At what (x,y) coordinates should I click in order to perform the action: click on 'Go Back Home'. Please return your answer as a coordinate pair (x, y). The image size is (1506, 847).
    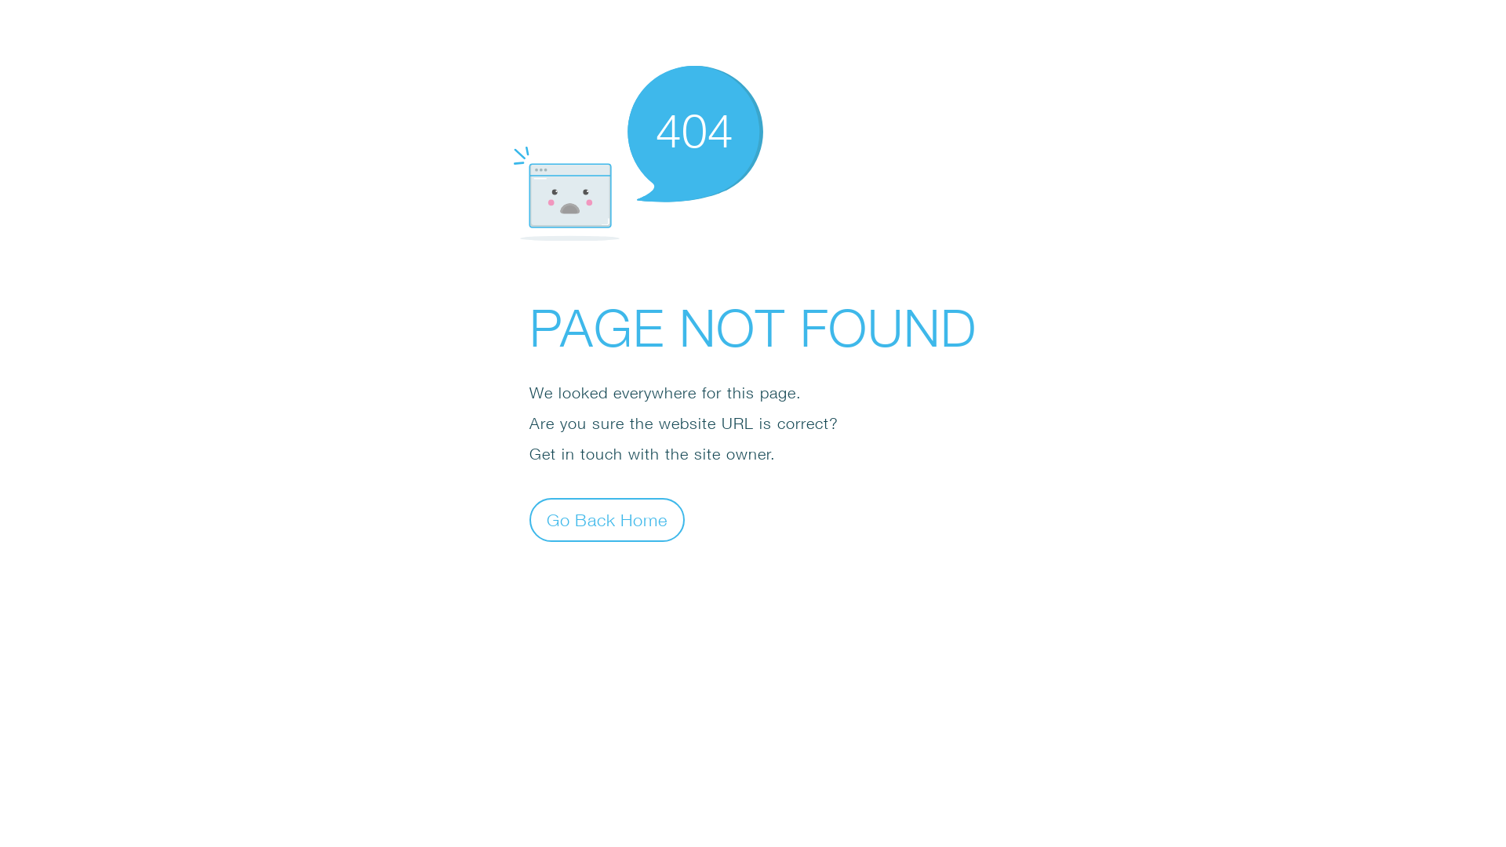
    Looking at the image, I should click on (606, 520).